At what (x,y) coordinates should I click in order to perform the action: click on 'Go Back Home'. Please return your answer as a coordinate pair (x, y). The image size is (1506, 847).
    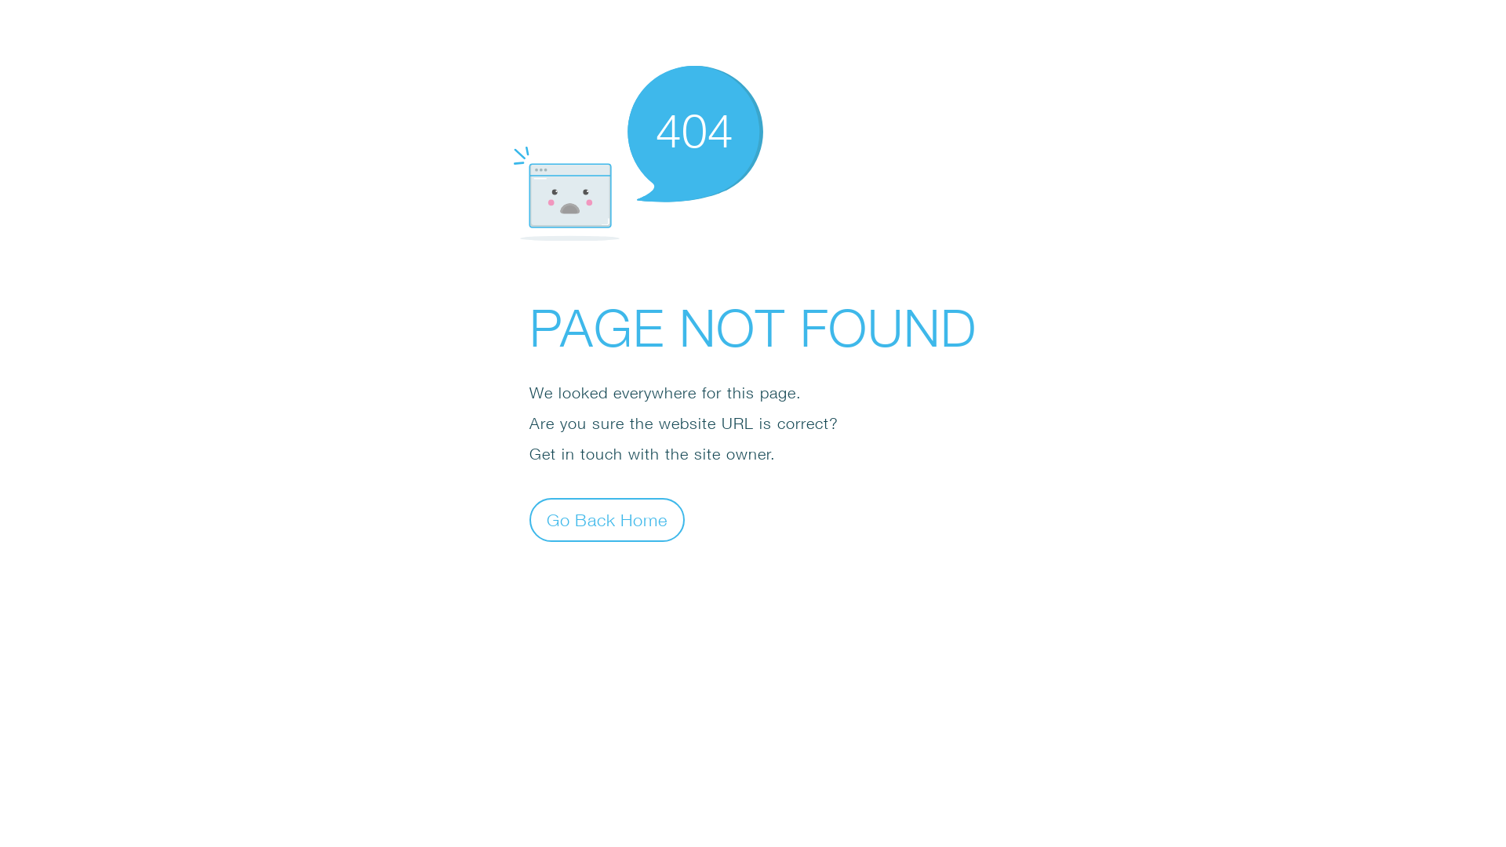
    Looking at the image, I should click on (606, 520).